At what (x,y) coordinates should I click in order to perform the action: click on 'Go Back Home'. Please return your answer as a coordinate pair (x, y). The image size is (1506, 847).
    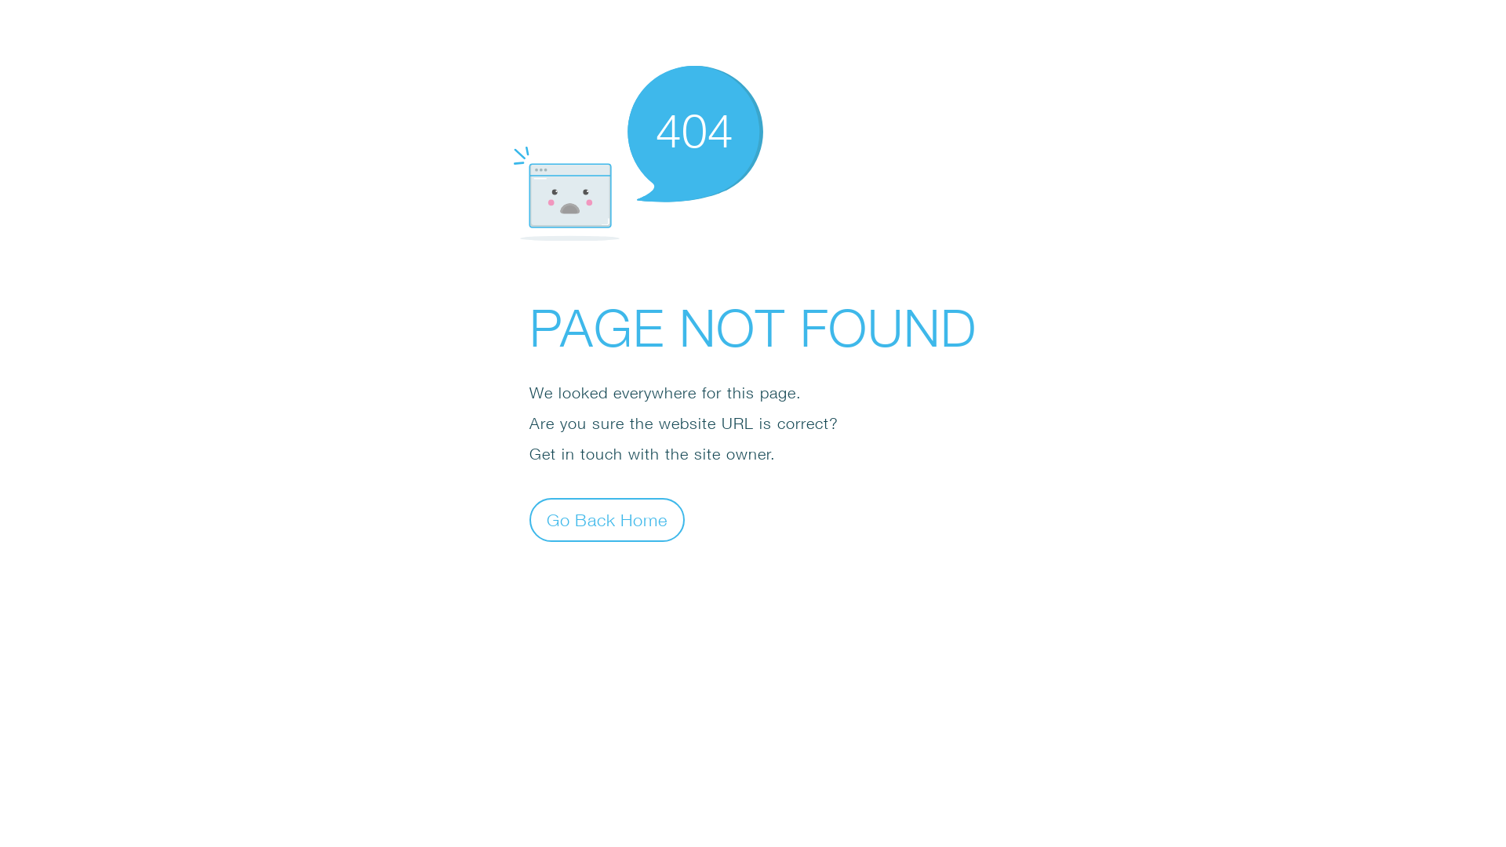
    Looking at the image, I should click on (606, 520).